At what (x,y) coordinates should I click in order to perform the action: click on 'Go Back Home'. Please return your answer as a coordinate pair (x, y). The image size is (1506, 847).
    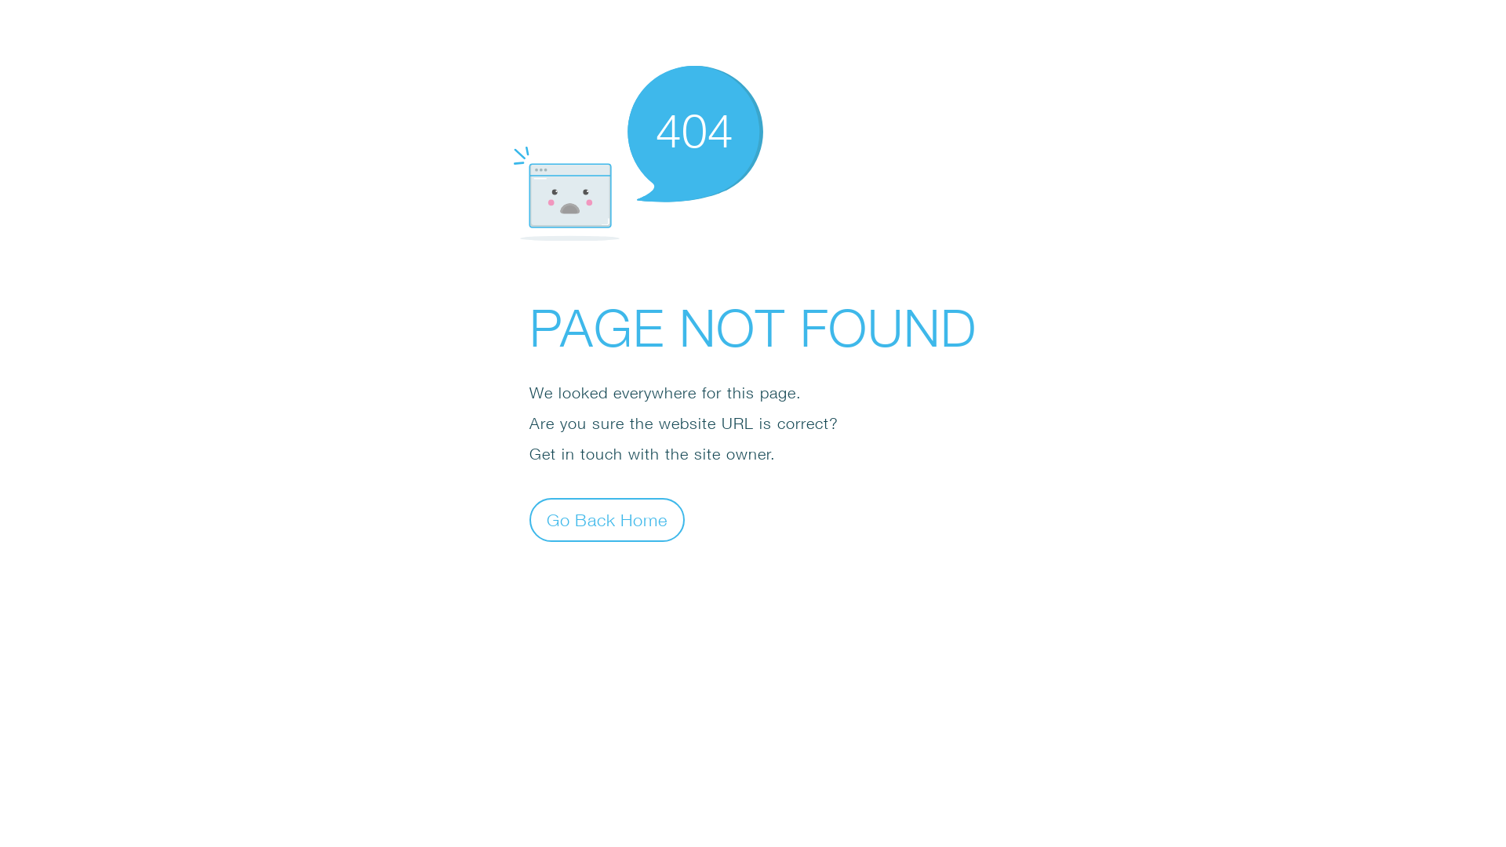
    Looking at the image, I should click on (606, 520).